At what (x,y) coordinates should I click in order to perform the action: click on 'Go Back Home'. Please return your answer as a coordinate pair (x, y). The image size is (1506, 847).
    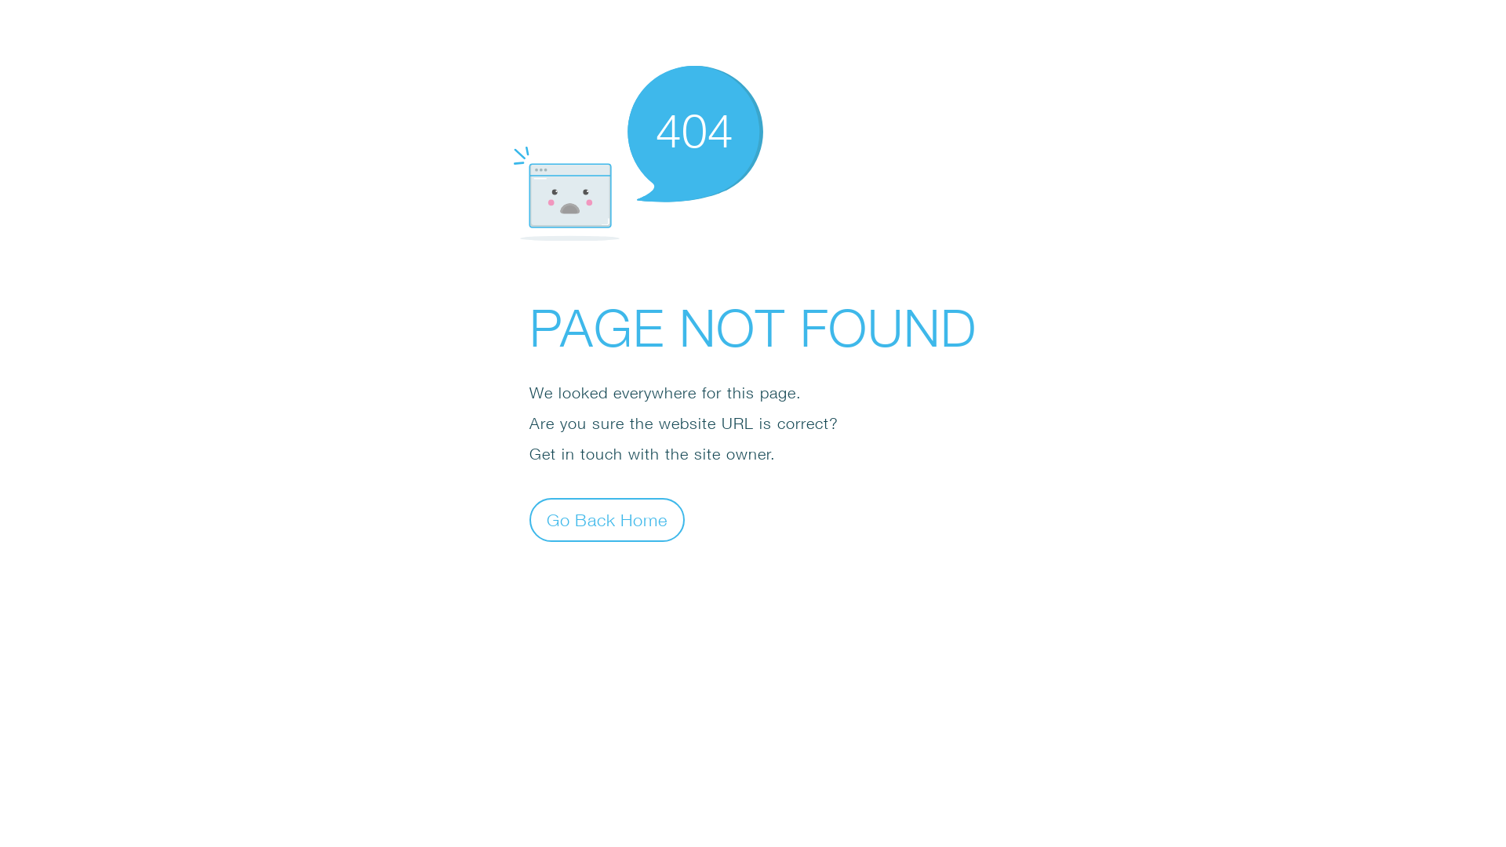
    Looking at the image, I should click on (606, 520).